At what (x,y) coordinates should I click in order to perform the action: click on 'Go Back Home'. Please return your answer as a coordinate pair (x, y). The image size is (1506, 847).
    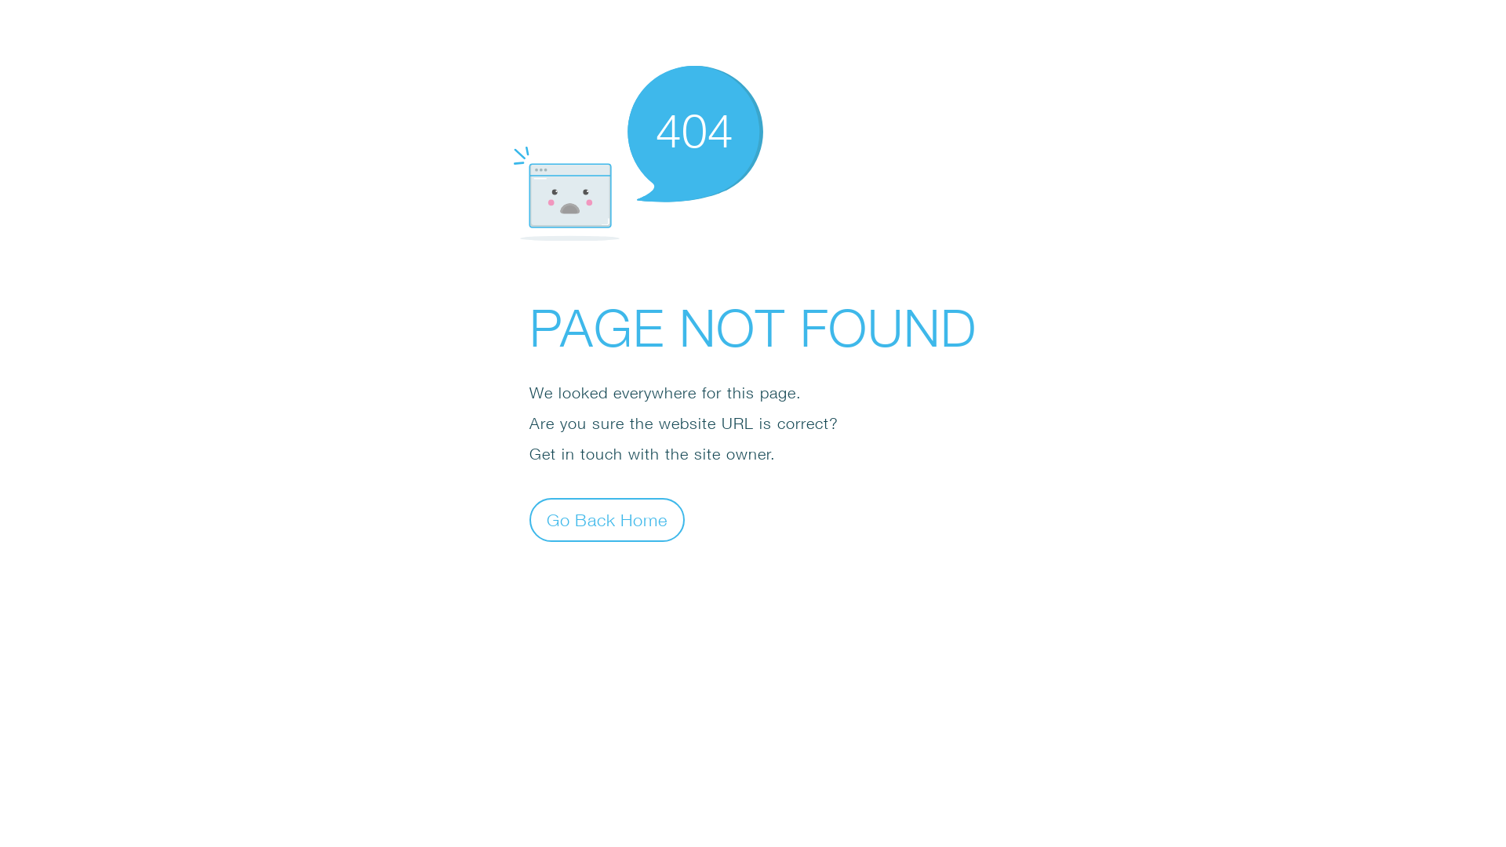
    Looking at the image, I should click on (606, 520).